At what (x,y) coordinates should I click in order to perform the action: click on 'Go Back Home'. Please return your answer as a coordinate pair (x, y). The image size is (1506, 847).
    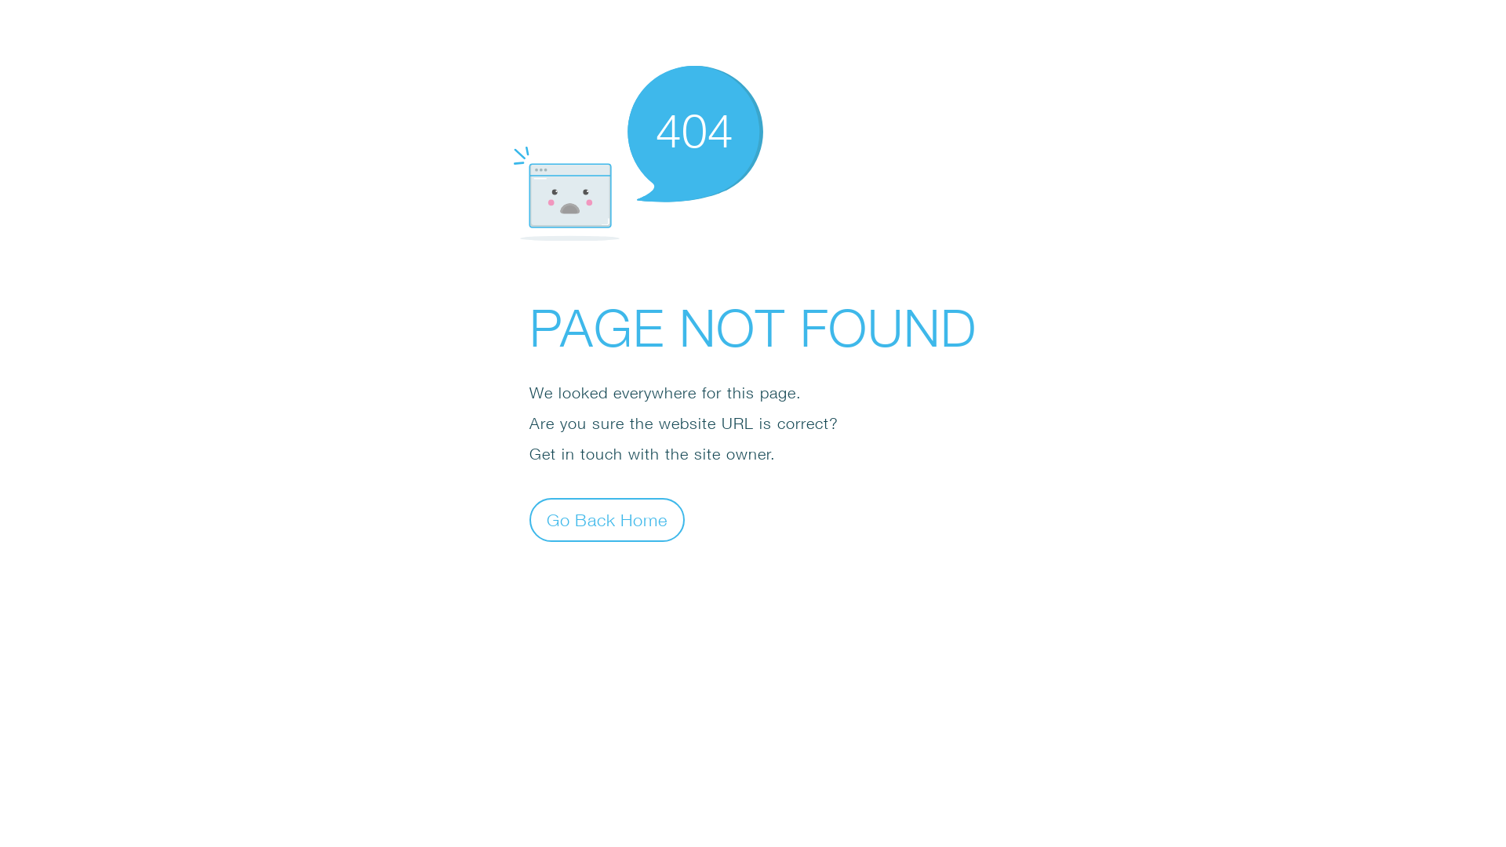
    Looking at the image, I should click on (606, 520).